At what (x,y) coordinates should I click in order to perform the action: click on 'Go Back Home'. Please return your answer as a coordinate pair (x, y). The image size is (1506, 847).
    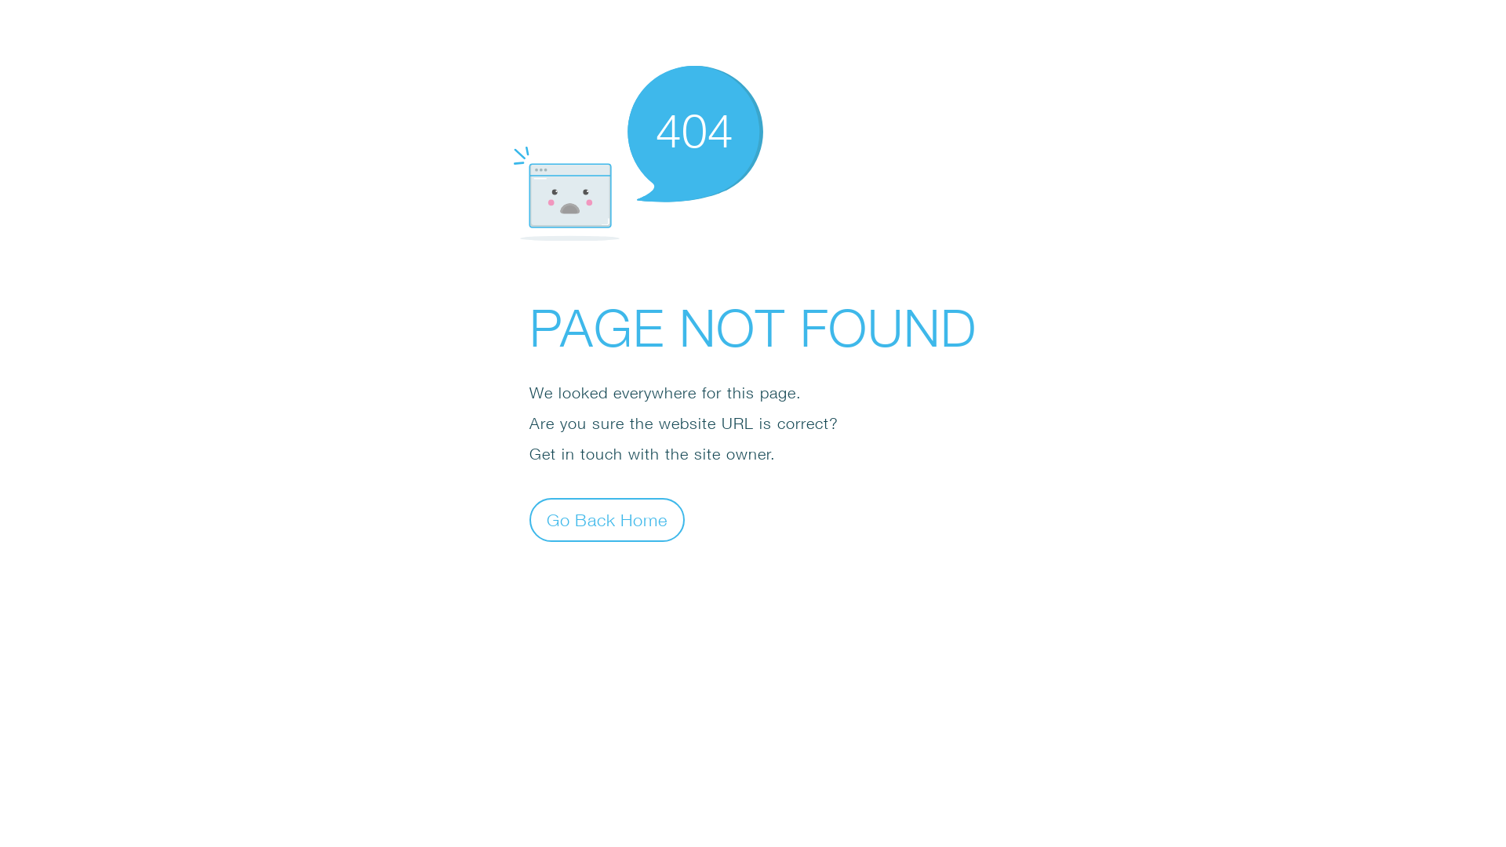
    Looking at the image, I should click on (606, 520).